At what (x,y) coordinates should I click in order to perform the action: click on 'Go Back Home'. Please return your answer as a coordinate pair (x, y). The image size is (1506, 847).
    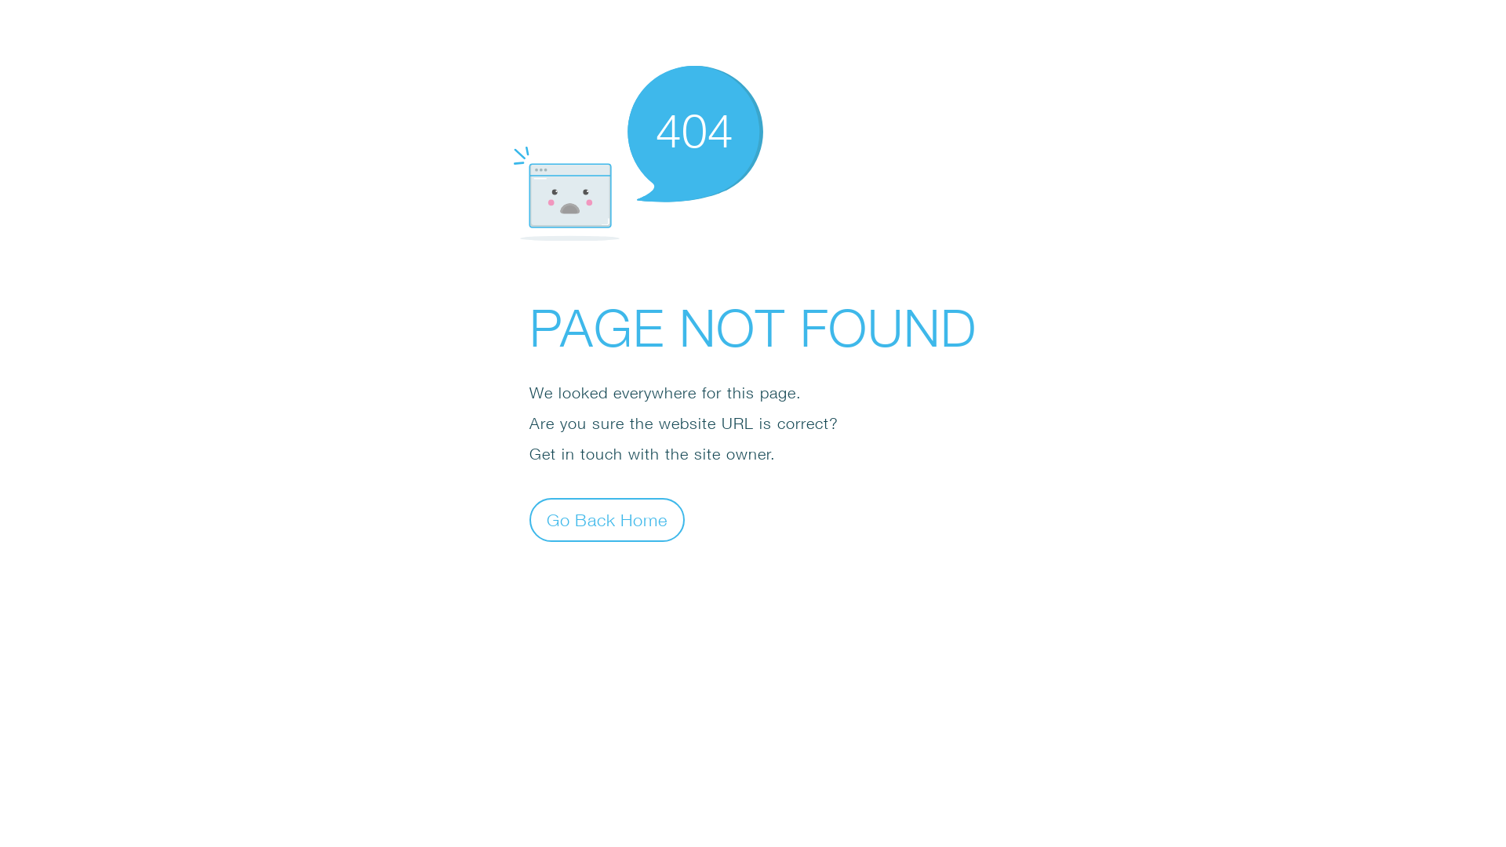
    Looking at the image, I should click on (606, 520).